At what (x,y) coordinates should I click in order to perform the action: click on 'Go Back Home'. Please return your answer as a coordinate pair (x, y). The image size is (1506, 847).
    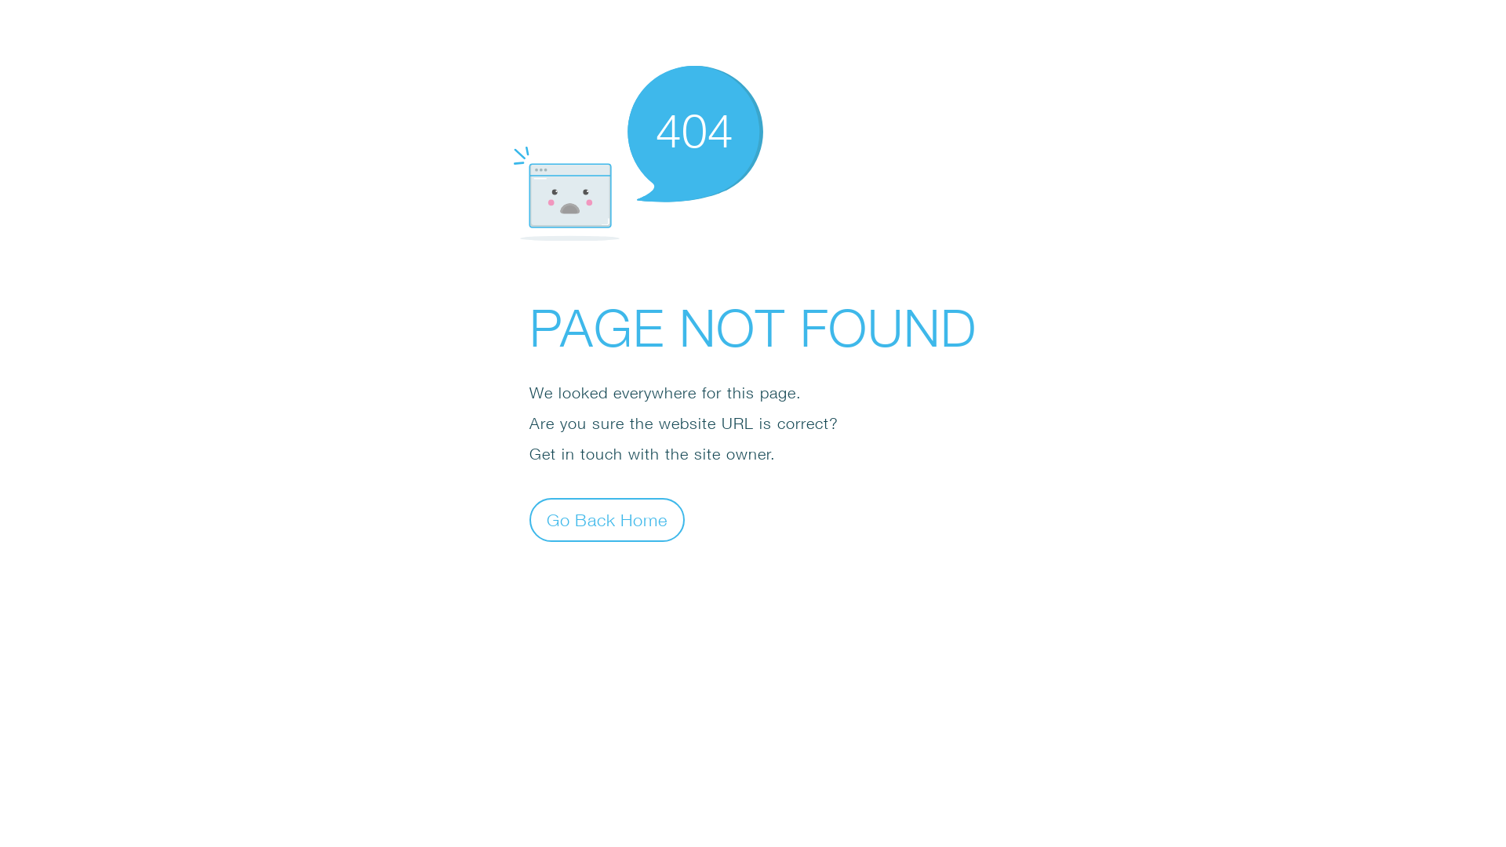
    Looking at the image, I should click on (606, 520).